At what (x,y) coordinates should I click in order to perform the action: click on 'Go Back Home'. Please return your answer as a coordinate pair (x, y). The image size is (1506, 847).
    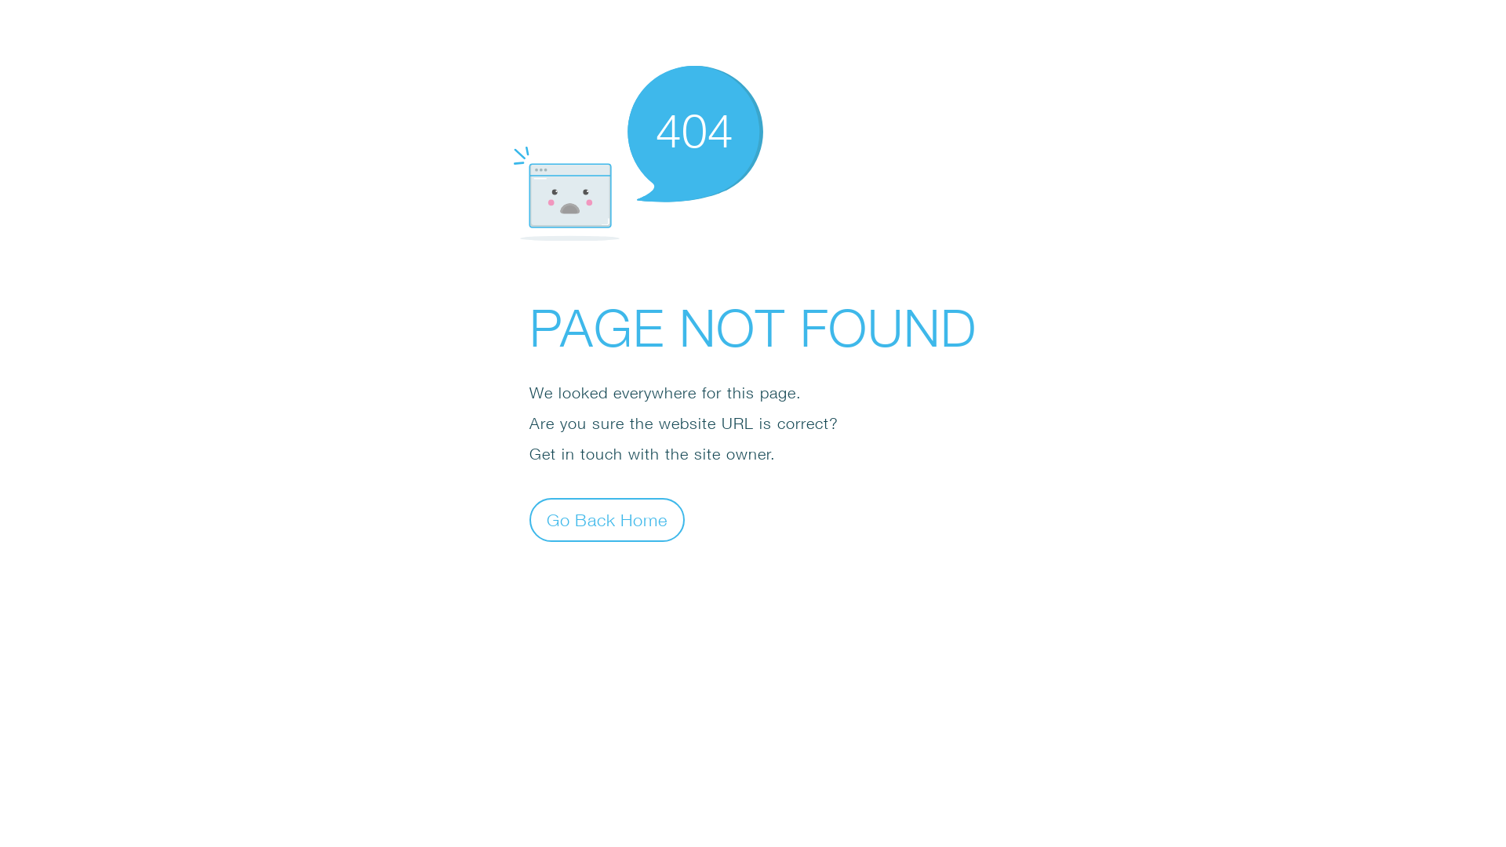
    Looking at the image, I should click on (606, 520).